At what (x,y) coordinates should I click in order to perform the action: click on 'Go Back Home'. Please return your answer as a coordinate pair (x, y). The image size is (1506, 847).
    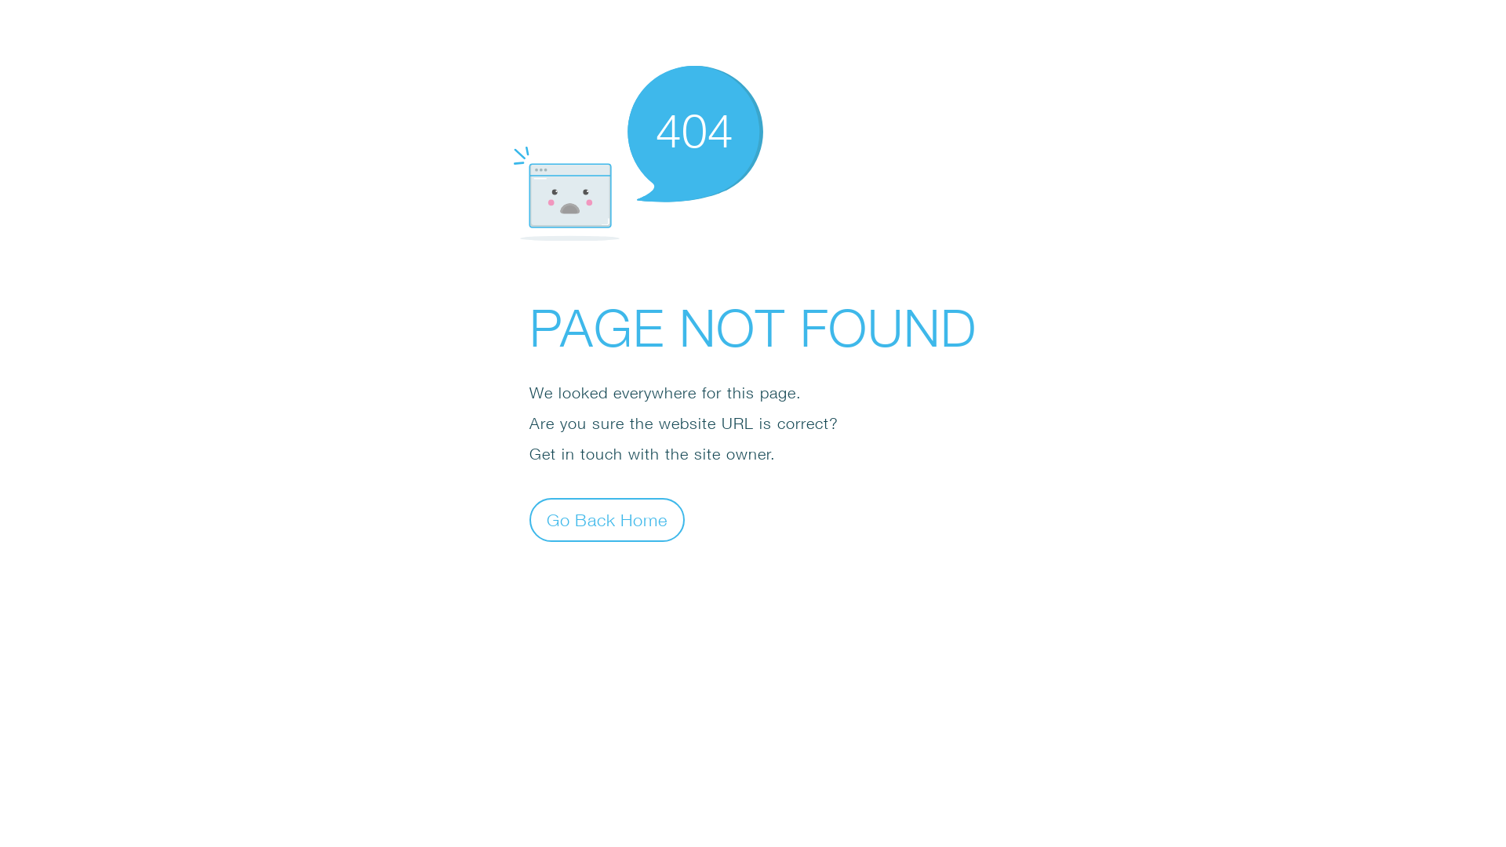
    Looking at the image, I should click on (606, 520).